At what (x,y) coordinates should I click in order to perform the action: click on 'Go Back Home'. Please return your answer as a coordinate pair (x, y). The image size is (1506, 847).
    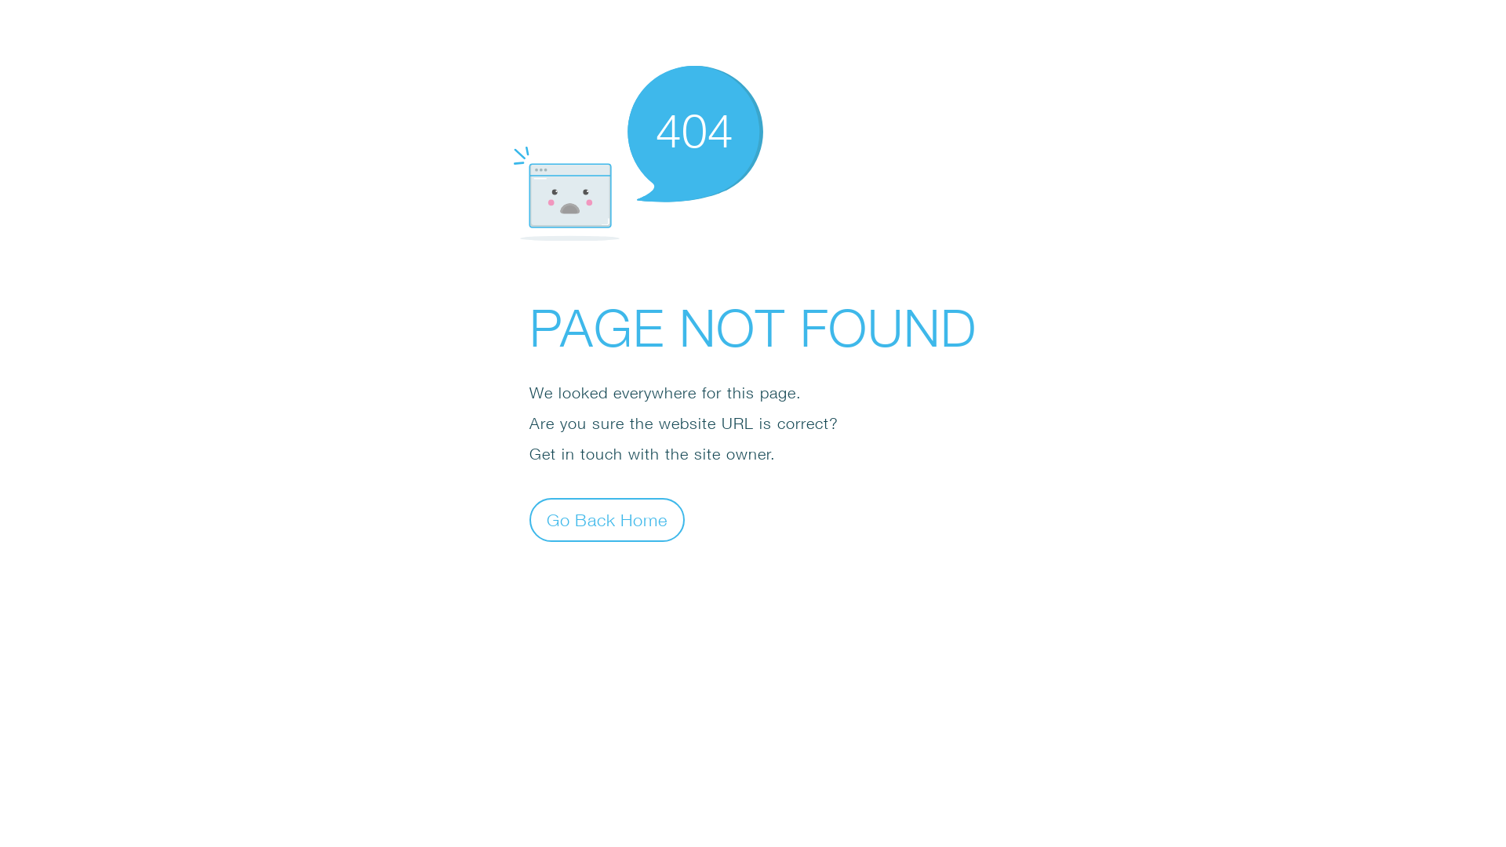
    Looking at the image, I should click on (606, 520).